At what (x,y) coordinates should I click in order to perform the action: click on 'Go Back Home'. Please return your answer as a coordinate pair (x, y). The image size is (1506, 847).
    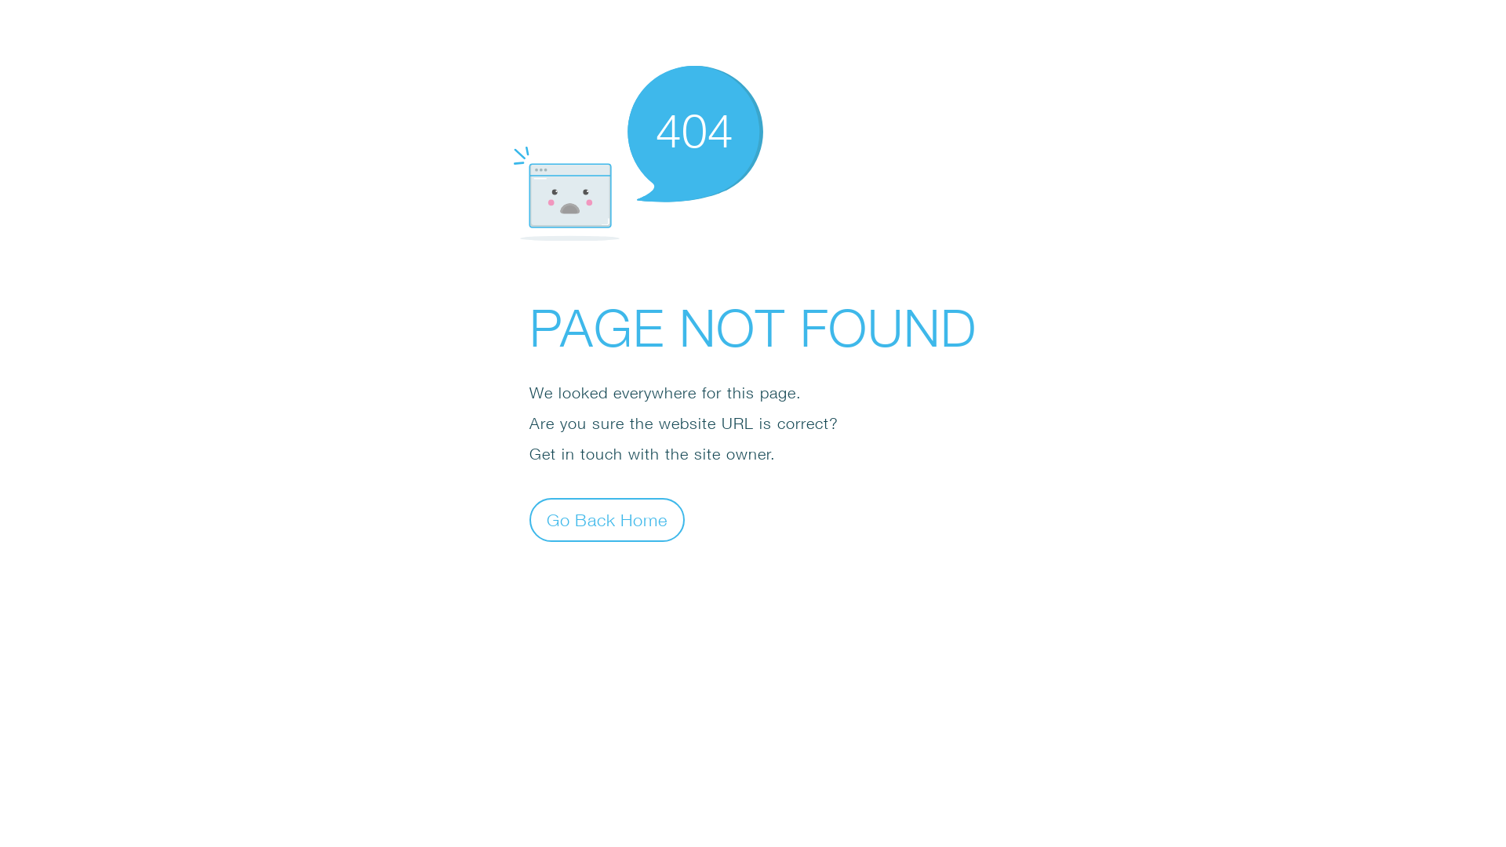
    Looking at the image, I should click on (606, 520).